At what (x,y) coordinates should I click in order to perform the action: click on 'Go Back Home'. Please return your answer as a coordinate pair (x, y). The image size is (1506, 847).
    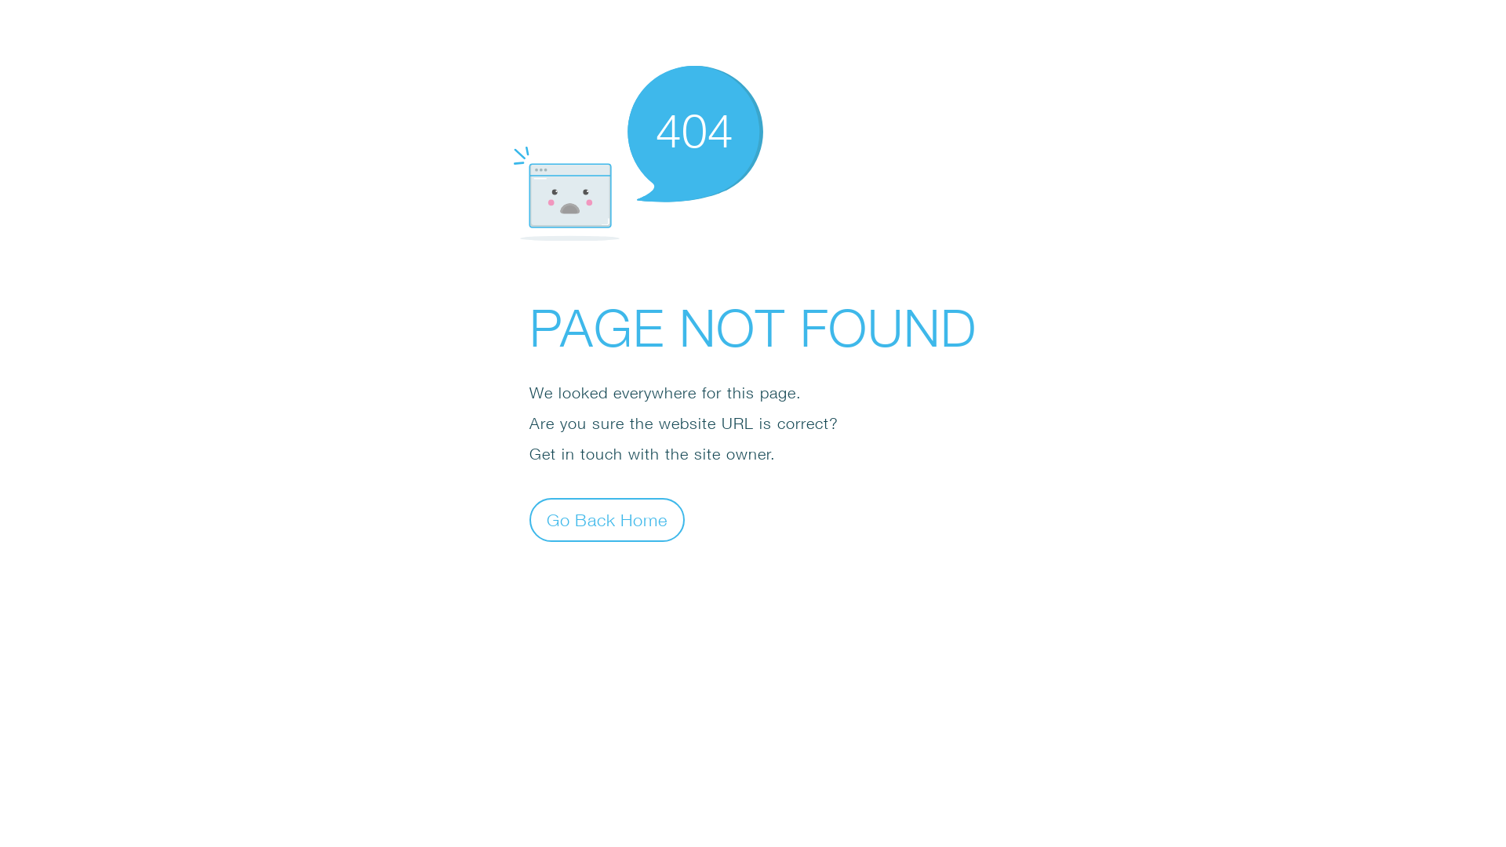
    Looking at the image, I should click on (606, 520).